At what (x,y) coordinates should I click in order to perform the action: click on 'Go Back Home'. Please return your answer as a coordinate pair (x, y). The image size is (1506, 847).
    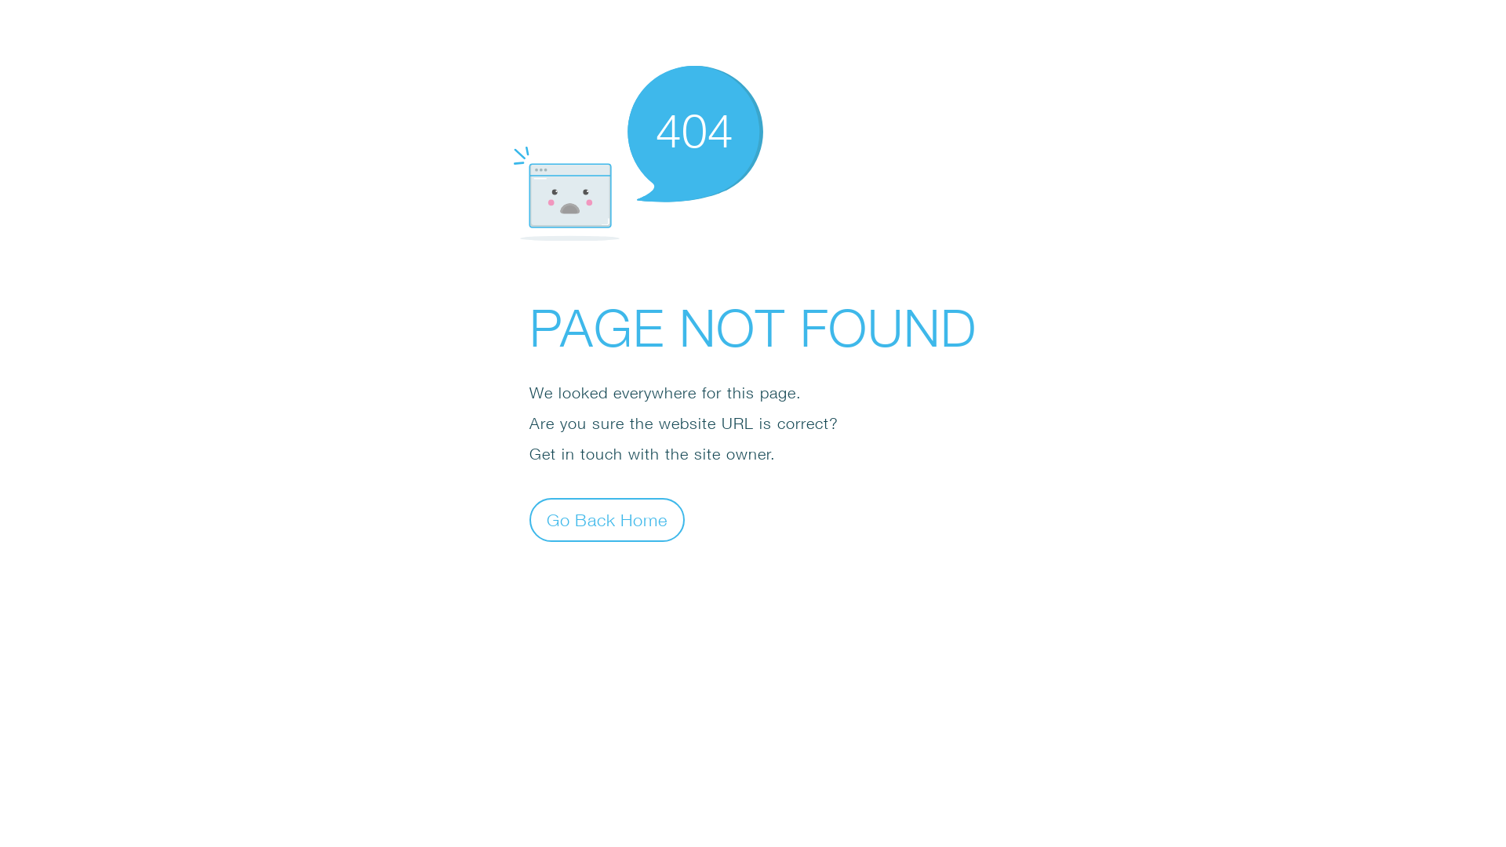
    Looking at the image, I should click on (606, 520).